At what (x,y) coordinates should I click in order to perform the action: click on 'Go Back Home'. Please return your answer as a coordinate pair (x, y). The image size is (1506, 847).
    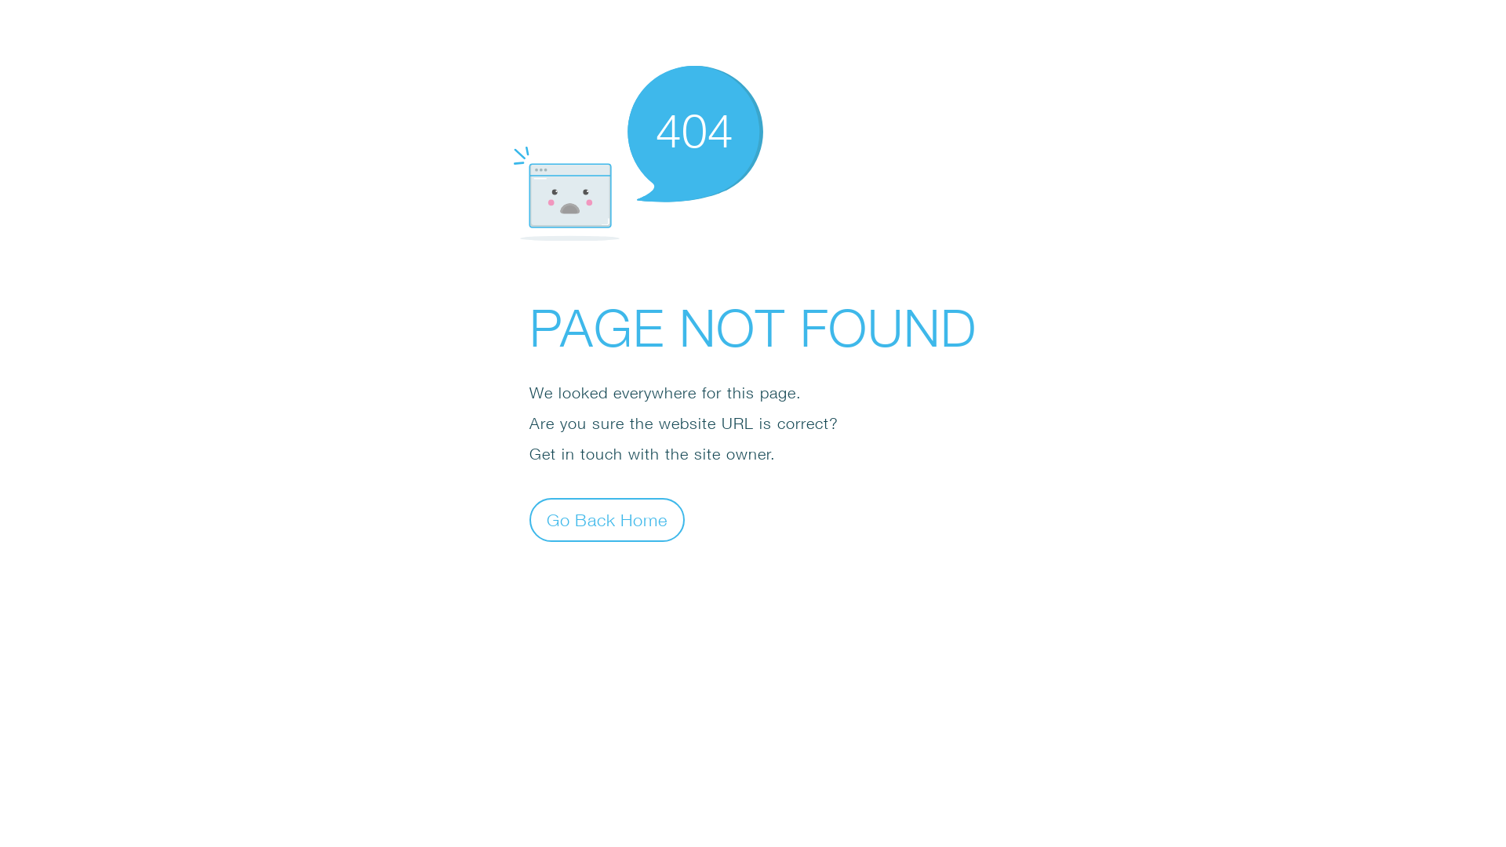
    Looking at the image, I should click on (606, 520).